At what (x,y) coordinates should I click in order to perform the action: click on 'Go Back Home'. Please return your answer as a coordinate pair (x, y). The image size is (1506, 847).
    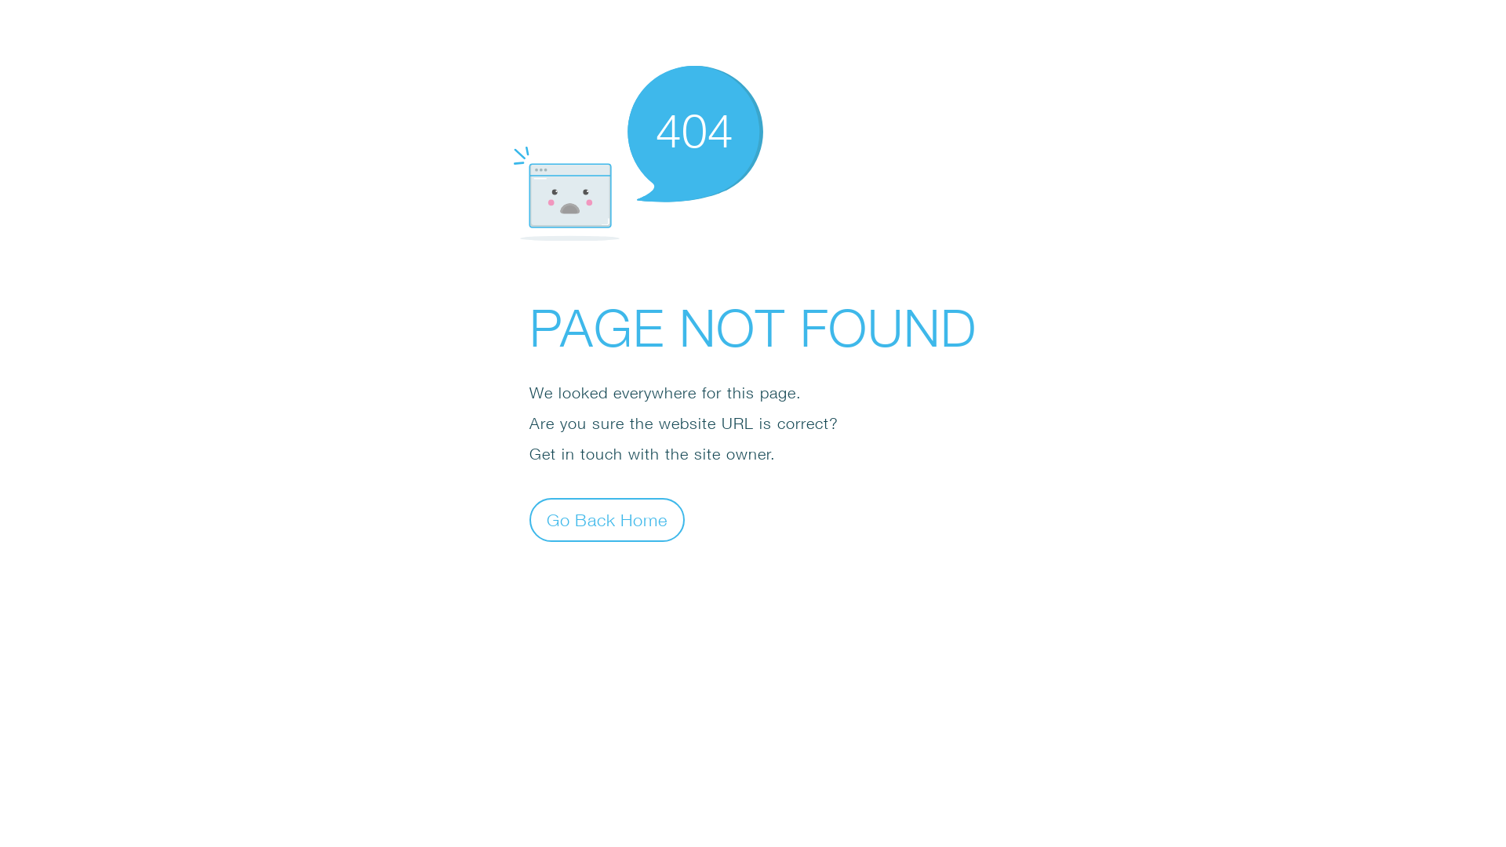
    Looking at the image, I should click on (606, 520).